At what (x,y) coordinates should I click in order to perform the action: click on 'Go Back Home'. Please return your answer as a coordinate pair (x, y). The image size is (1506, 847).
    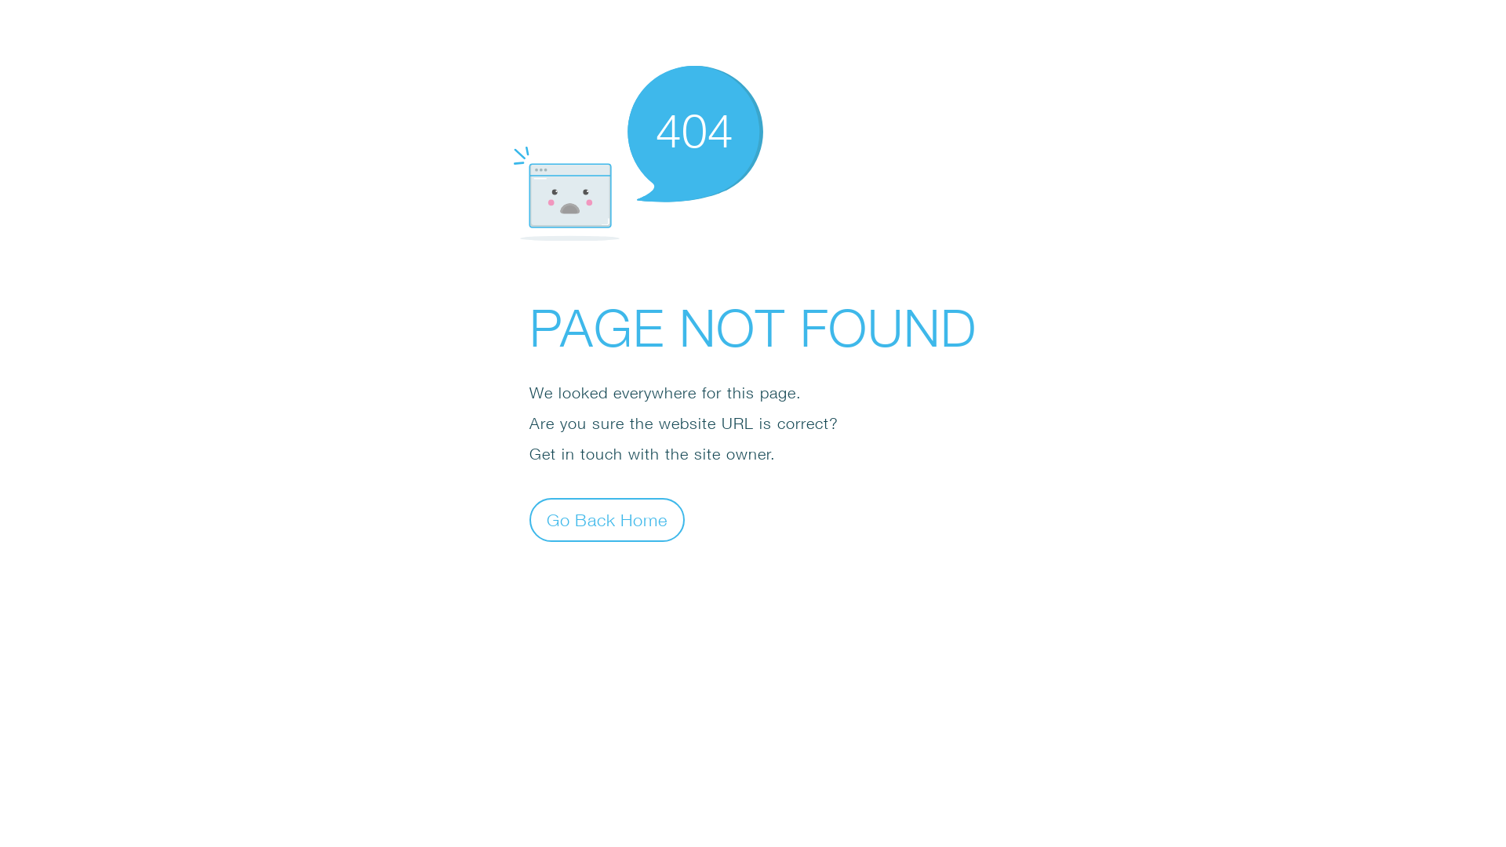
    Looking at the image, I should click on (606, 520).